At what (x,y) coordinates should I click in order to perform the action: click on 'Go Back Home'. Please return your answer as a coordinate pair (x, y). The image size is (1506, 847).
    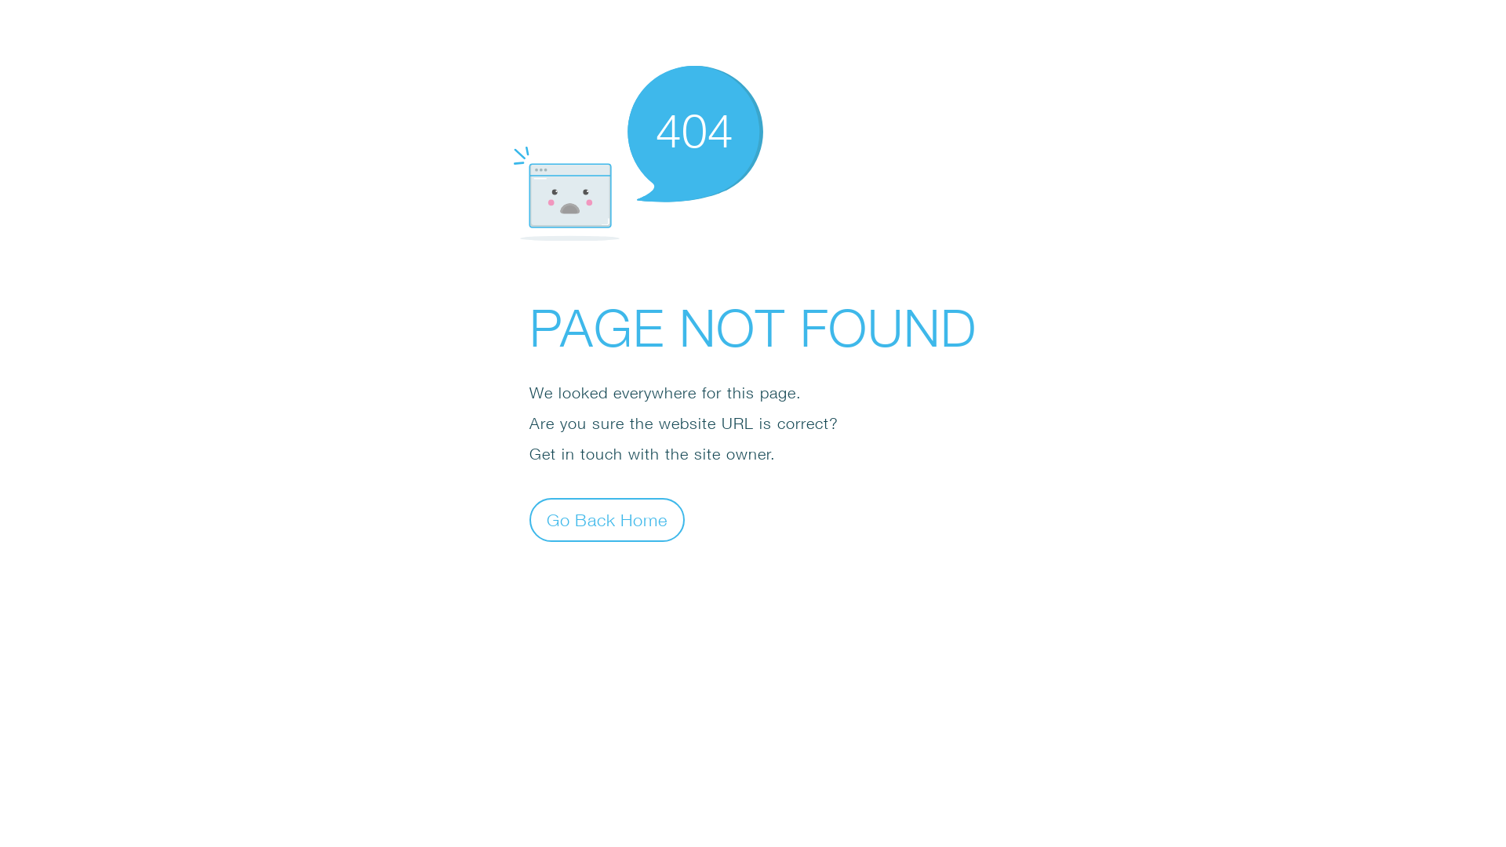
    Looking at the image, I should click on (606, 520).